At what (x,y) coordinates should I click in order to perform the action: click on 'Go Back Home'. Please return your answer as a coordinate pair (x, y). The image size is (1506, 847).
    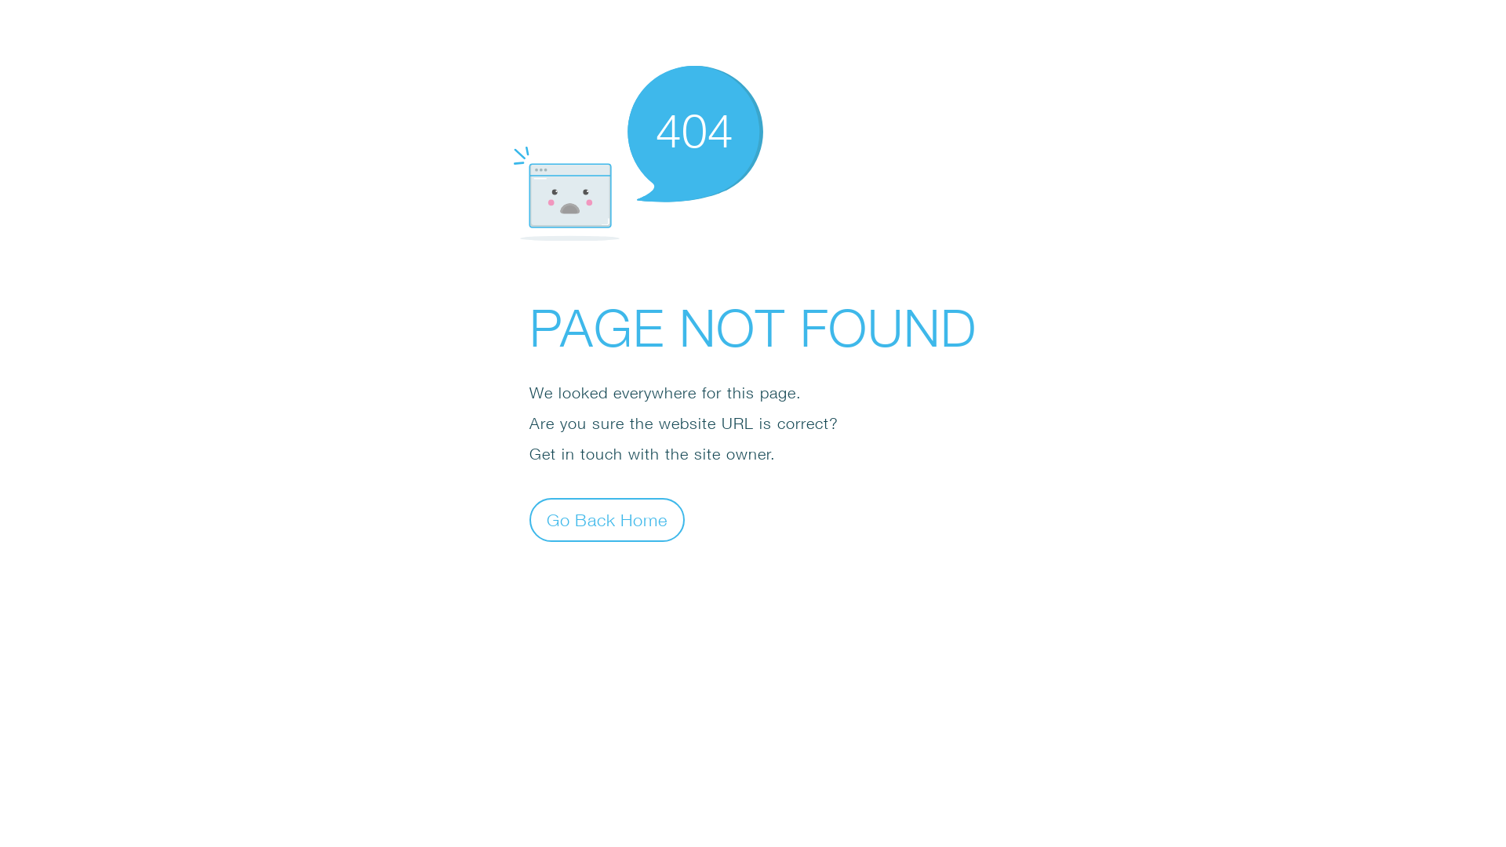
    Looking at the image, I should click on (606, 520).